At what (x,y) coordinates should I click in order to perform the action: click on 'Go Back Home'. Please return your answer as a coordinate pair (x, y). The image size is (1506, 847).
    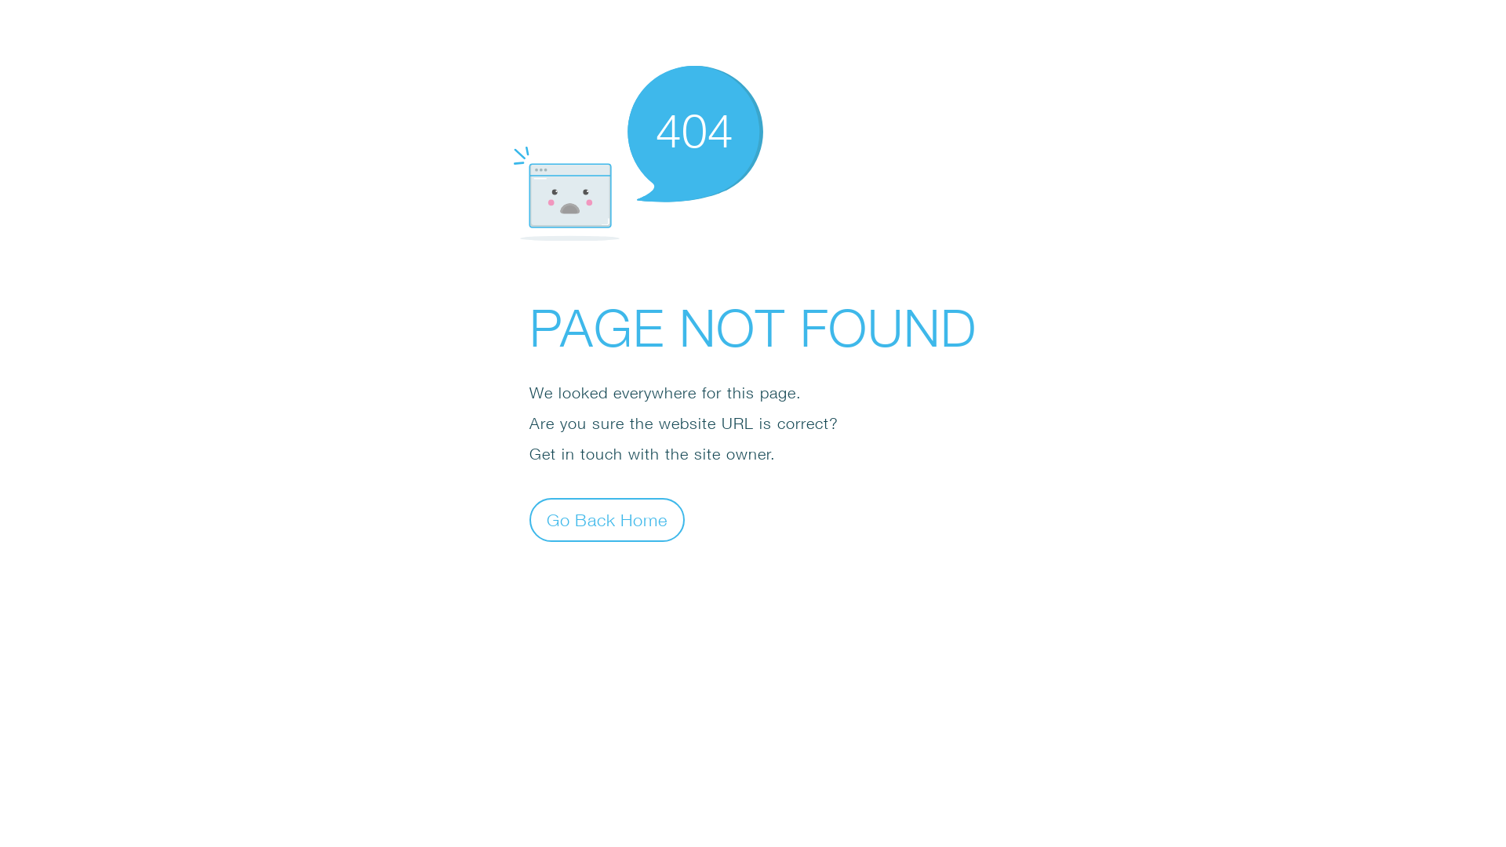
    Looking at the image, I should click on (606, 520).